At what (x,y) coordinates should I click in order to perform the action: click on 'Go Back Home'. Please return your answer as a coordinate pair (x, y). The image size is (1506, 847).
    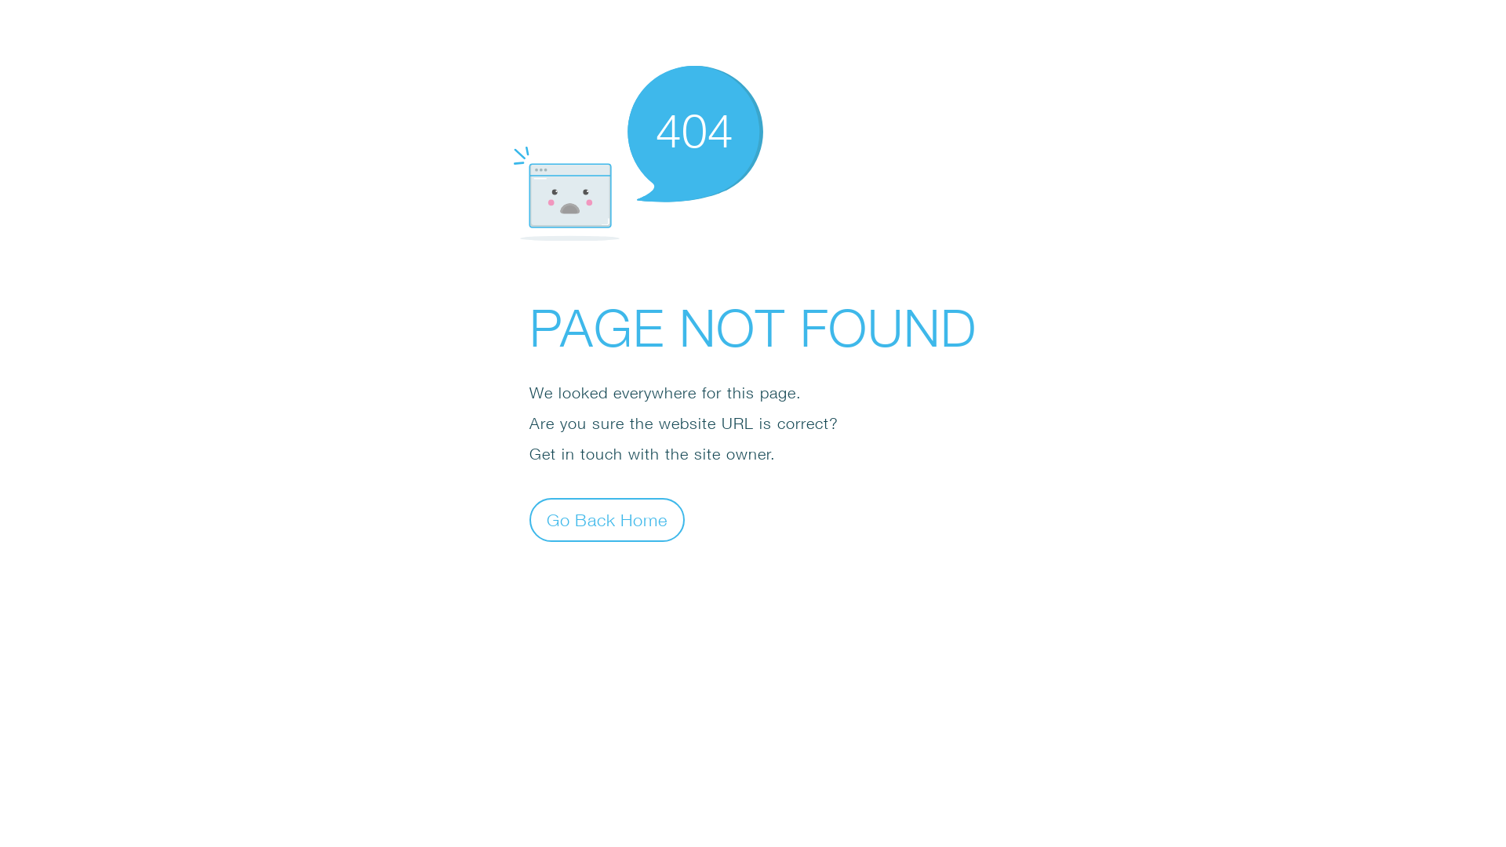
    Looking at the image, I should click on (606, 520).